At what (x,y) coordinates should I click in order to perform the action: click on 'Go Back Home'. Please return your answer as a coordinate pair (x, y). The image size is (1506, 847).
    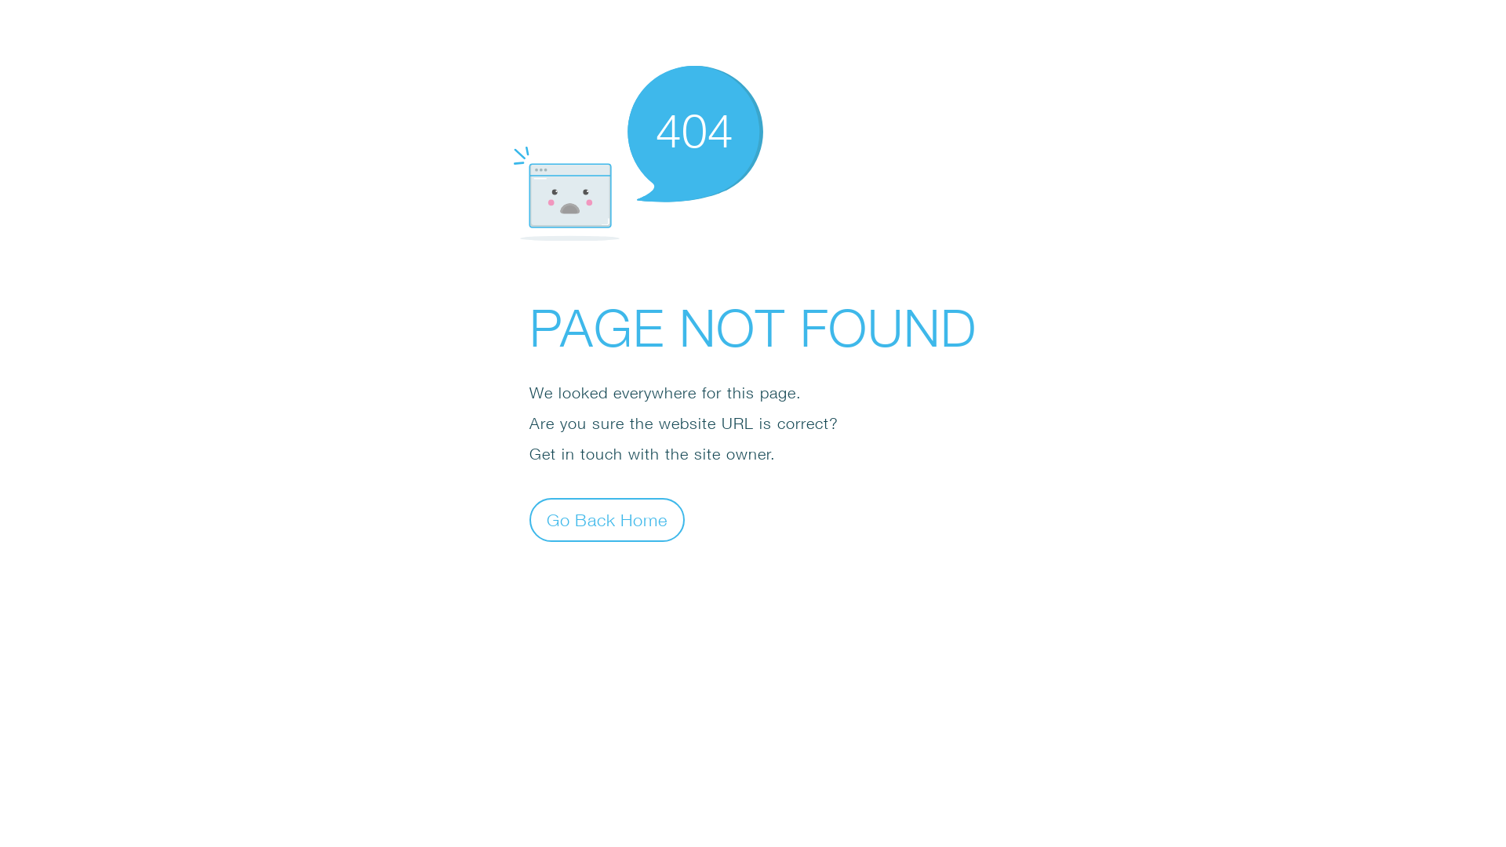
    Looking at the image, I should click on (606, 520).